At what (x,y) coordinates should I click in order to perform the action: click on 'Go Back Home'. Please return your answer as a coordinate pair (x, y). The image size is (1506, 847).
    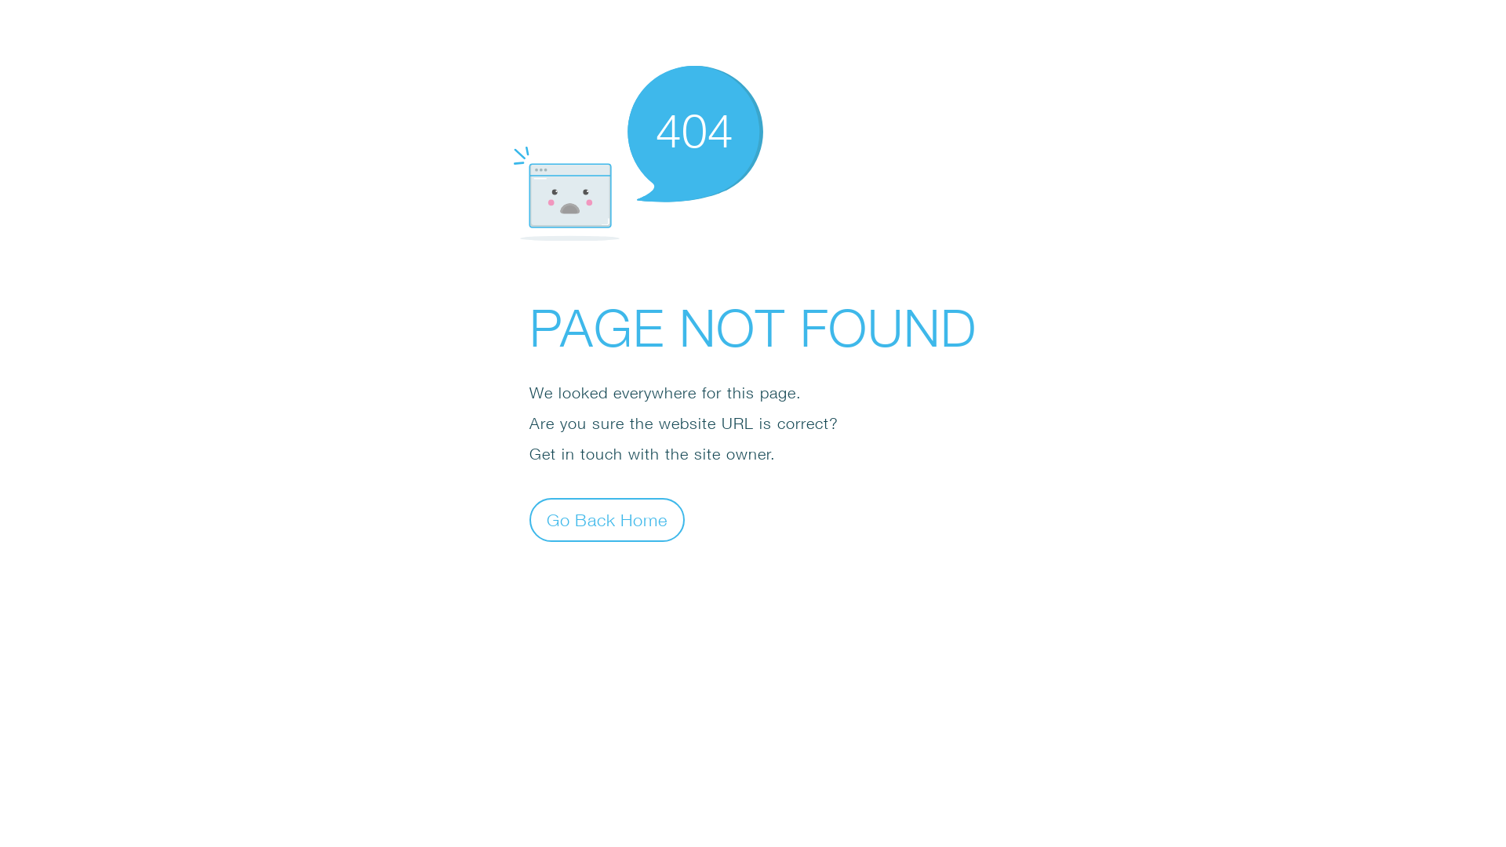
    Looking at the image, I should click on (606, 520).